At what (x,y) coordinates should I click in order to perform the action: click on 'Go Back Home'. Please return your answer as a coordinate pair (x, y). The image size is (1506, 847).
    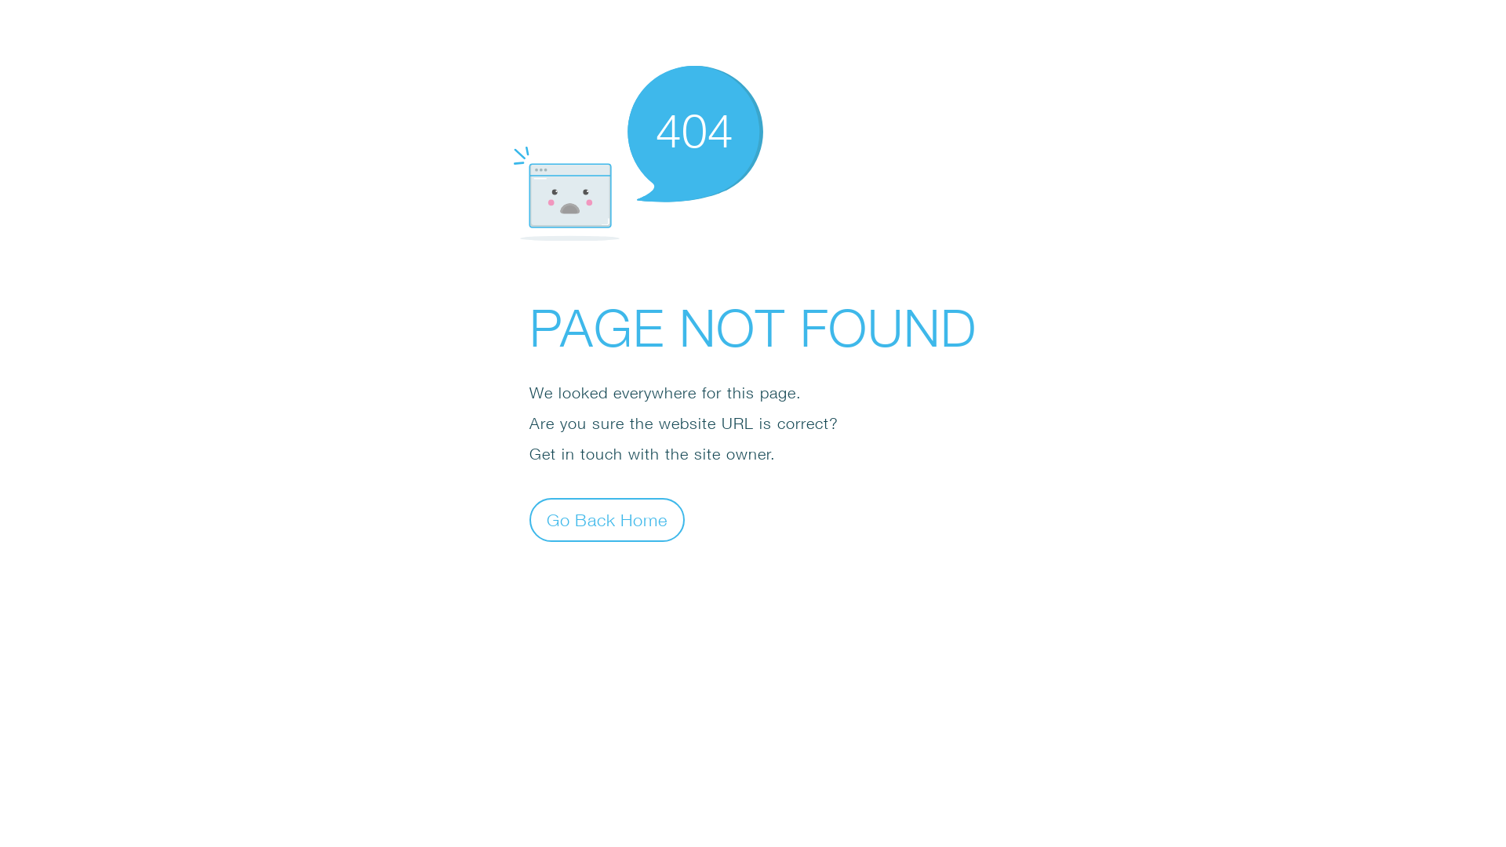
    Looking at the image, I should click on (606, 520).